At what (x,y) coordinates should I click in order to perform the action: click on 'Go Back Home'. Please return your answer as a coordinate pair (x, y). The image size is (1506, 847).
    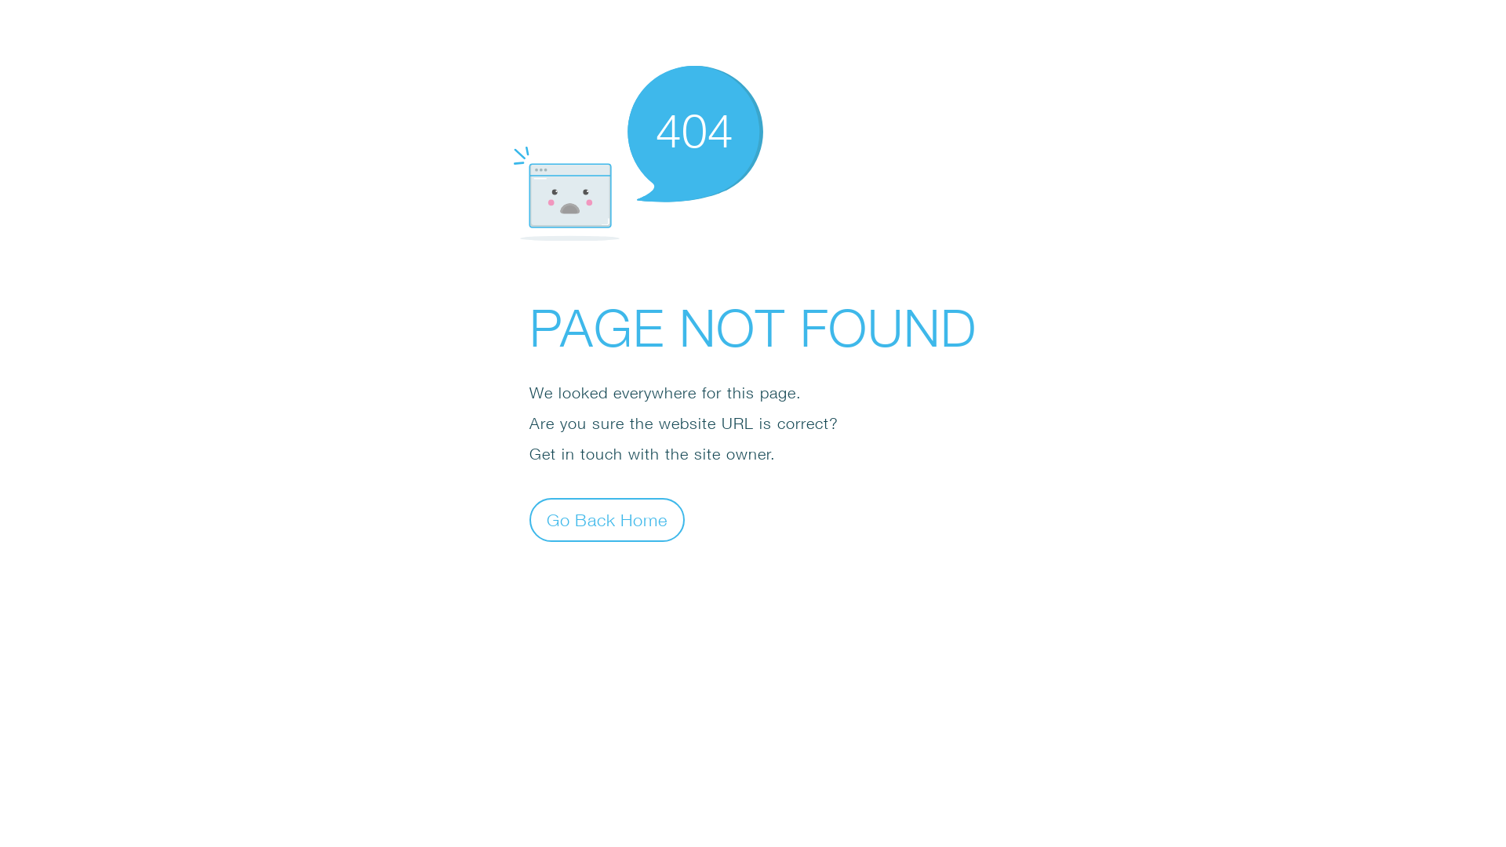
    Looking at the image, I should click on (606, 520).